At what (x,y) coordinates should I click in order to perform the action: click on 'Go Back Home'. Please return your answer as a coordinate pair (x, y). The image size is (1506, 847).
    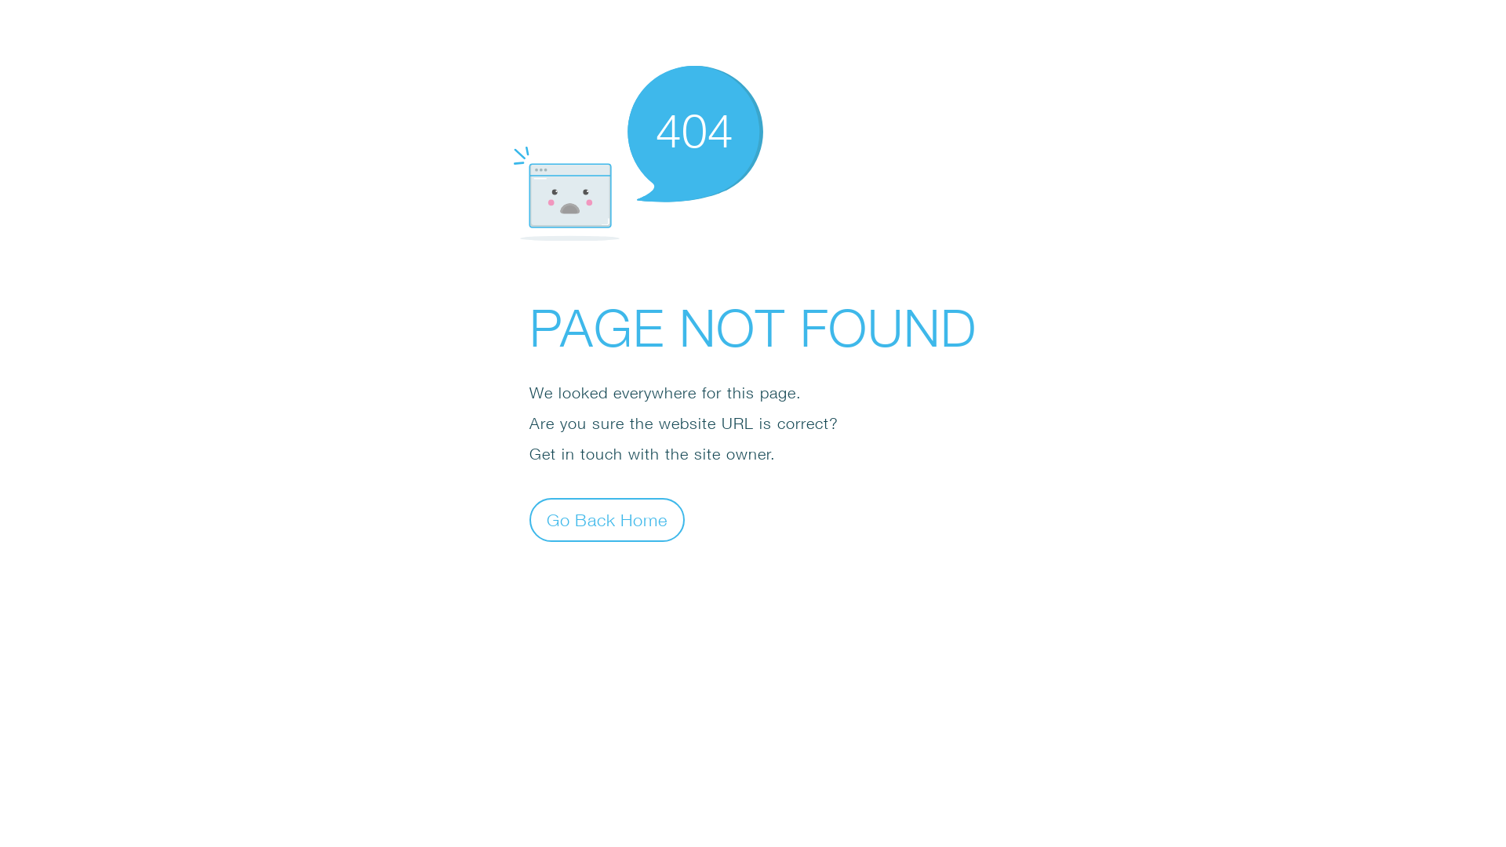
    Looking at the image, I should click on (606, 520).